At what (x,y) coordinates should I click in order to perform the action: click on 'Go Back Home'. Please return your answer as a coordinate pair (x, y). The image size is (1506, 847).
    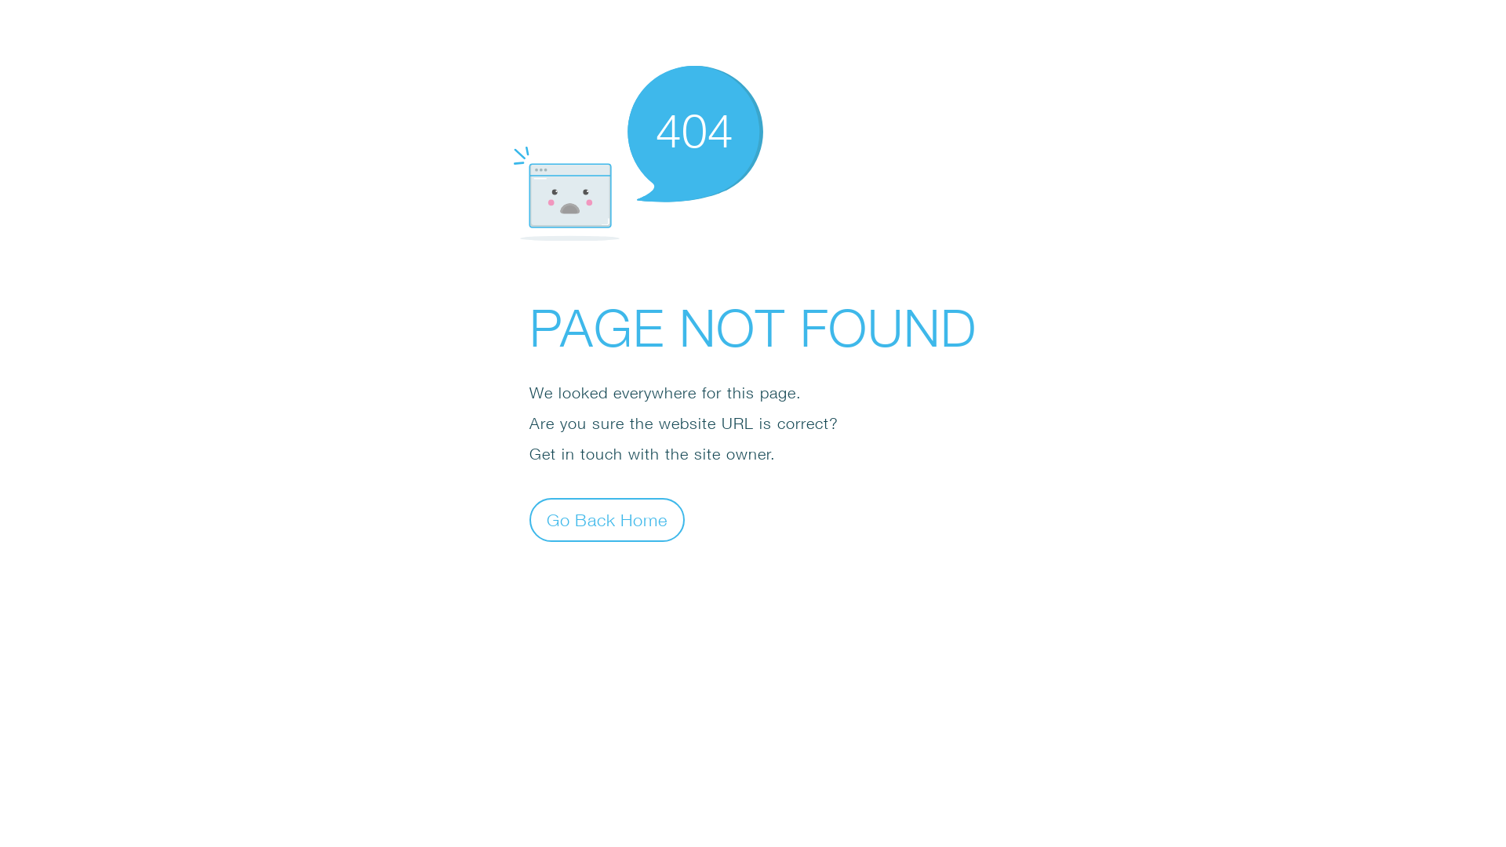
    Looking at the image, I should click on (606, 520).